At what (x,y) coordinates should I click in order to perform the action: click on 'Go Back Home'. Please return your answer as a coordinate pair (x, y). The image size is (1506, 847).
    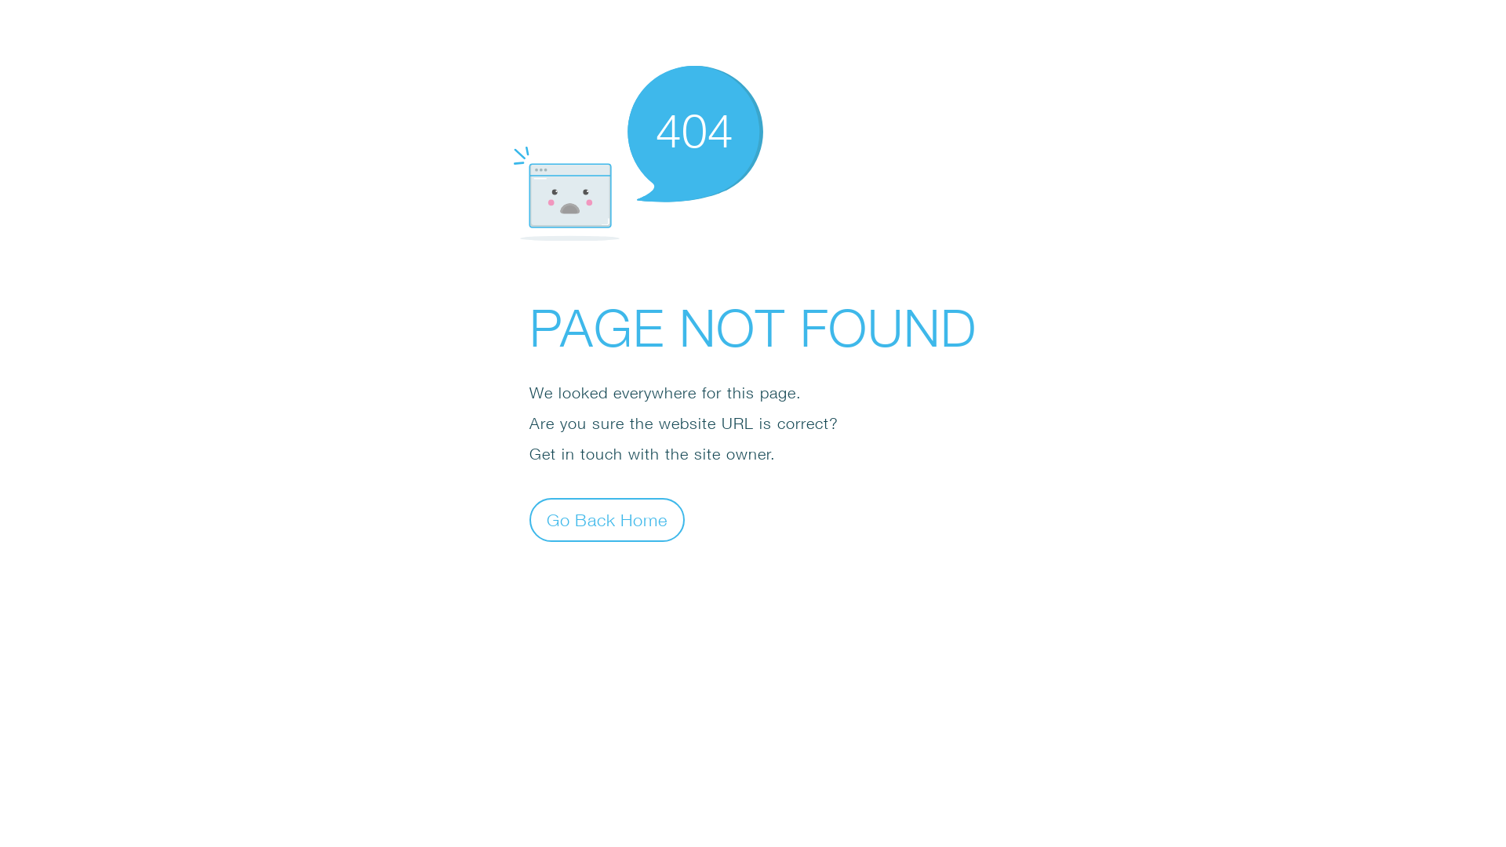
    Looking at the image, I should click on (606, 520).